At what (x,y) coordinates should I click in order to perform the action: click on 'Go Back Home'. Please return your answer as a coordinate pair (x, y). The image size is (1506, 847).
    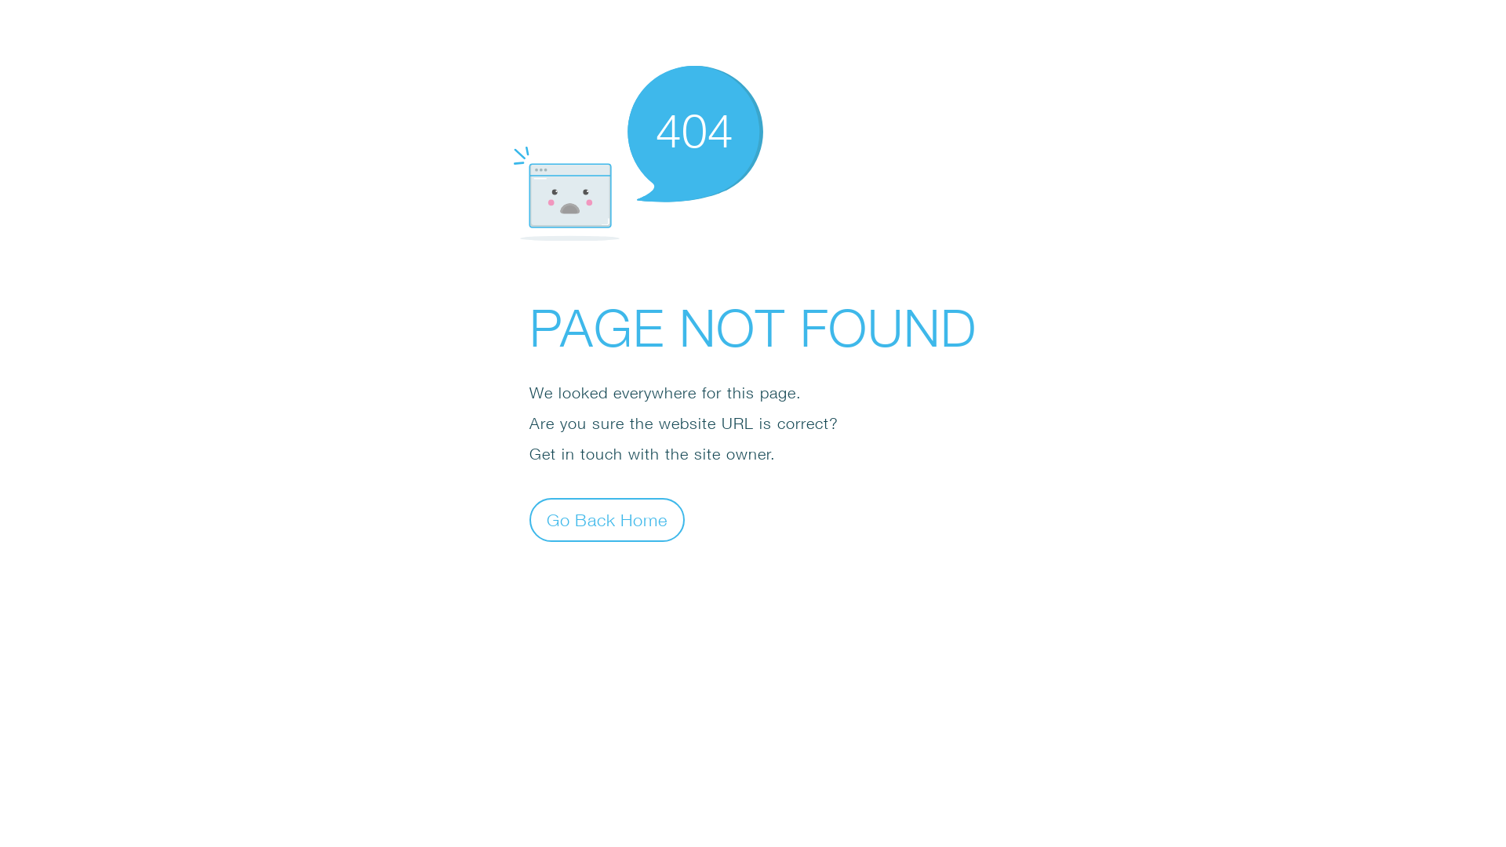
    Looking at the image, I should click on (606, 520).